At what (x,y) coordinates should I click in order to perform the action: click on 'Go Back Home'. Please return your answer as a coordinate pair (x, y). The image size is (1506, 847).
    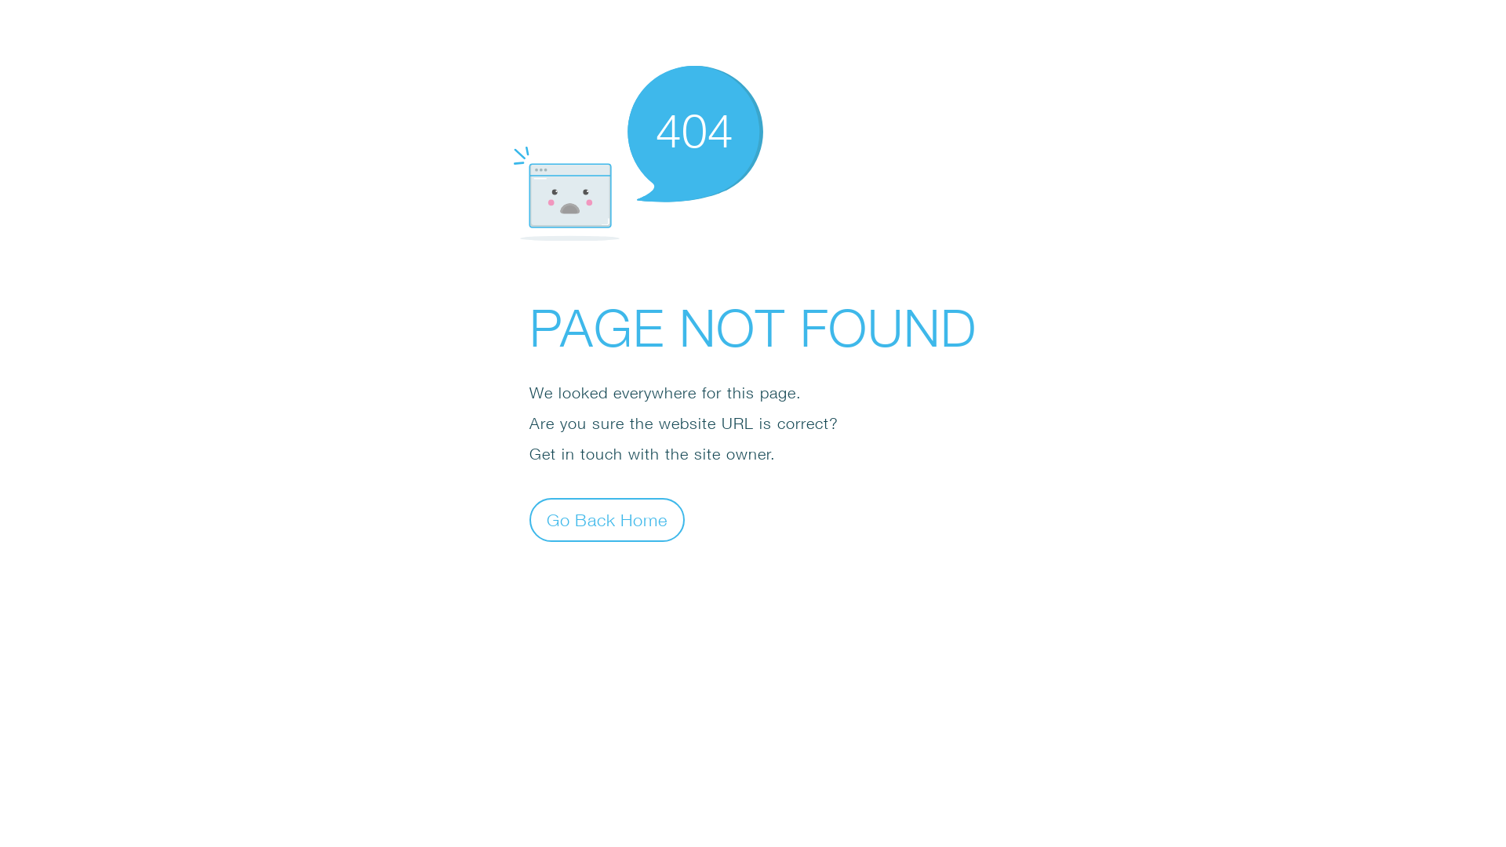
    Looking at the image, I should click on (606, 520).